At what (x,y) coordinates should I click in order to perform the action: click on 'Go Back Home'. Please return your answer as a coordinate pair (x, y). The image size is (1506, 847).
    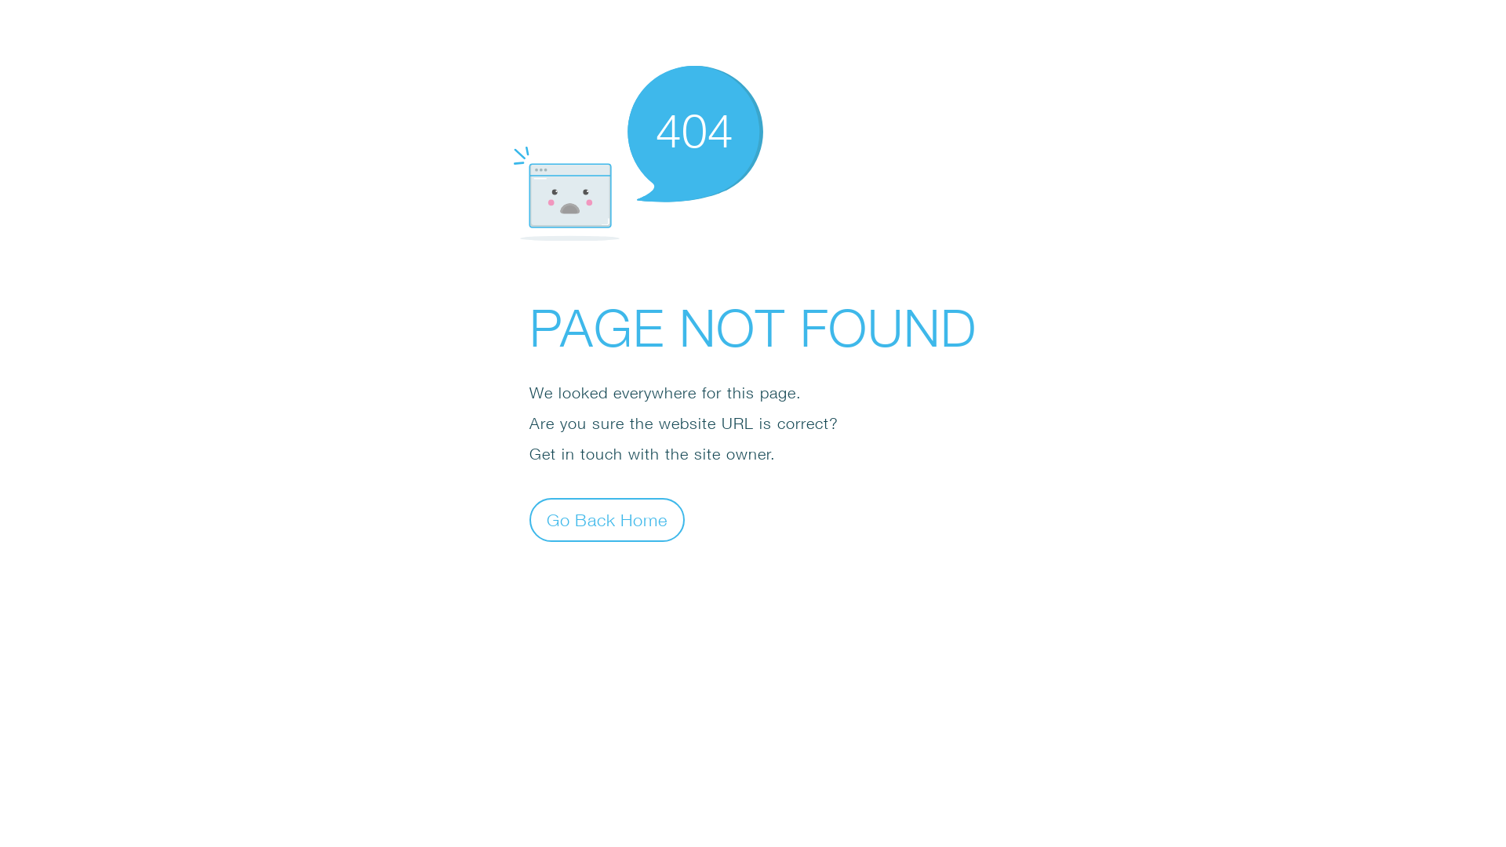
    Looking at the image, I should click on (606, 520).